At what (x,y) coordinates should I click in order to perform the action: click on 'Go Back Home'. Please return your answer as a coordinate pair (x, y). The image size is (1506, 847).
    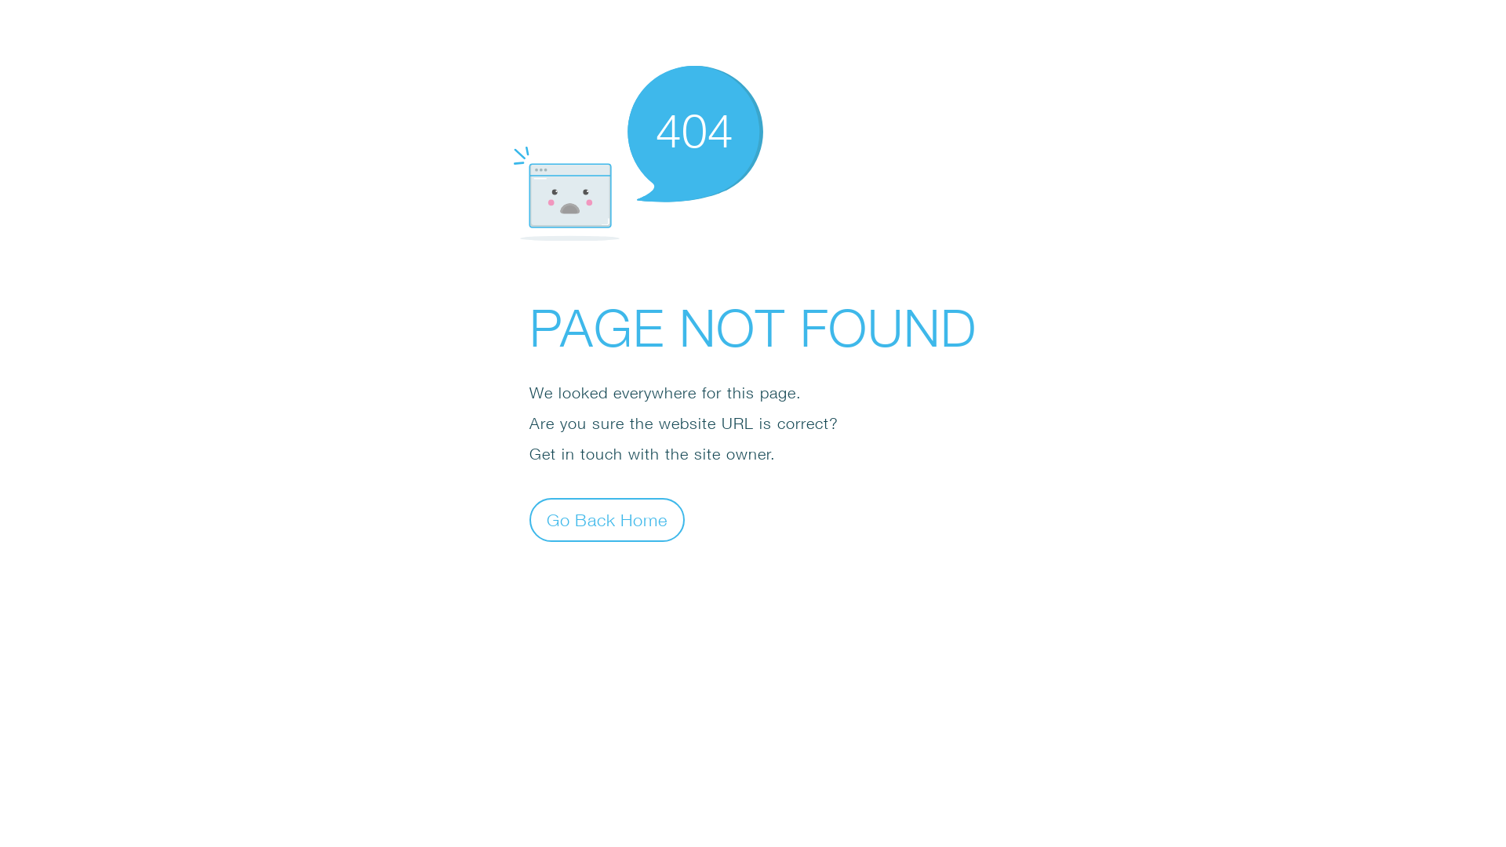
    Looking at the image, I should click on (606, 520).